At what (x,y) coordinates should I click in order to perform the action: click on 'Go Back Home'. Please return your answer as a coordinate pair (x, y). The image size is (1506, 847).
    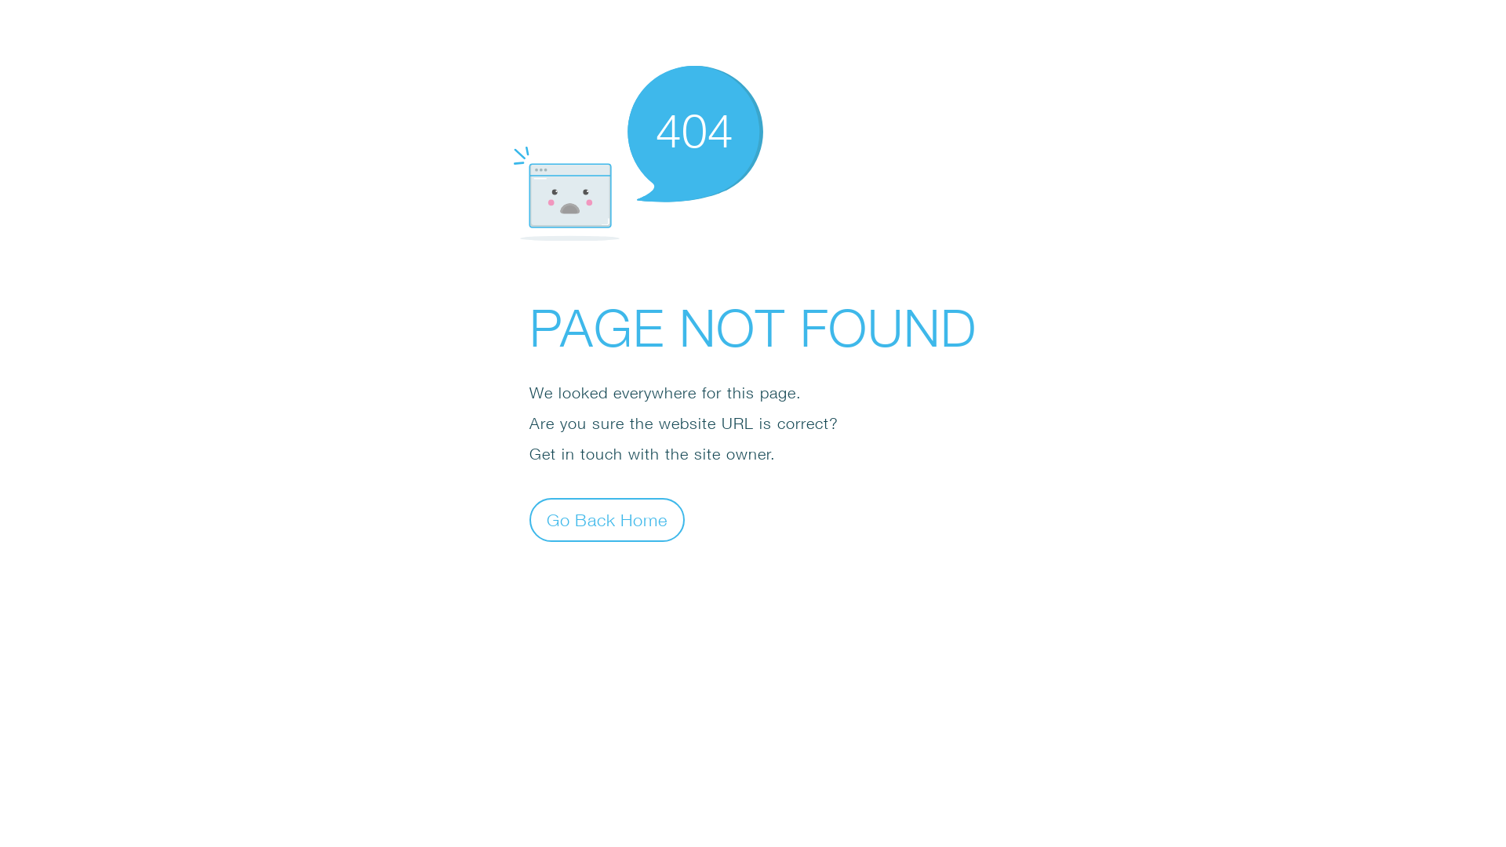
    Looking at the image, I should click on (606, 520).